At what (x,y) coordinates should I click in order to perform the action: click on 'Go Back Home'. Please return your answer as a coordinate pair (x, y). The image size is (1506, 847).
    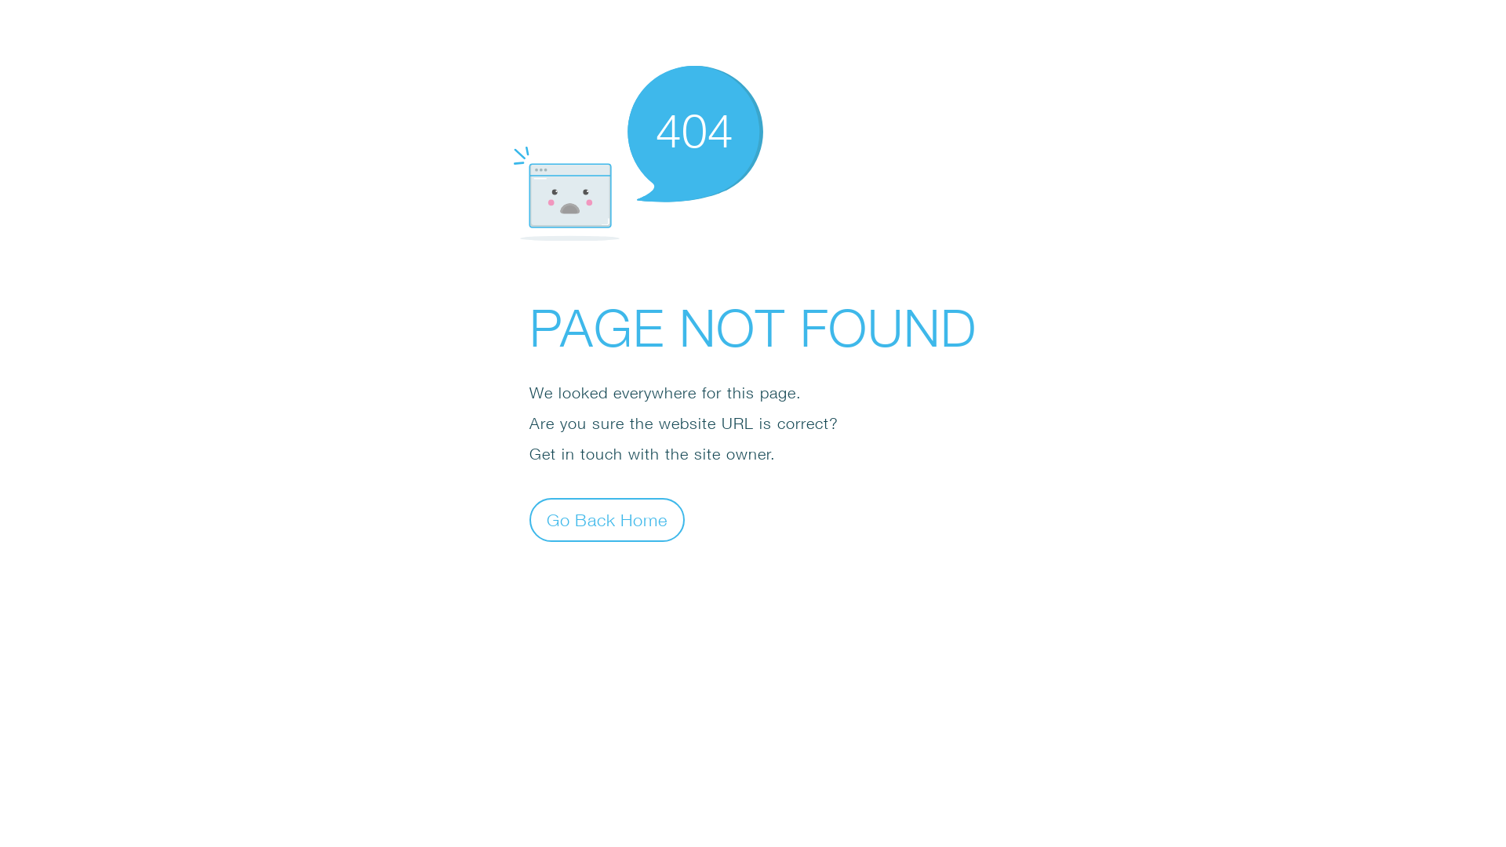
    Looking at the image, I should click on (606, 520).